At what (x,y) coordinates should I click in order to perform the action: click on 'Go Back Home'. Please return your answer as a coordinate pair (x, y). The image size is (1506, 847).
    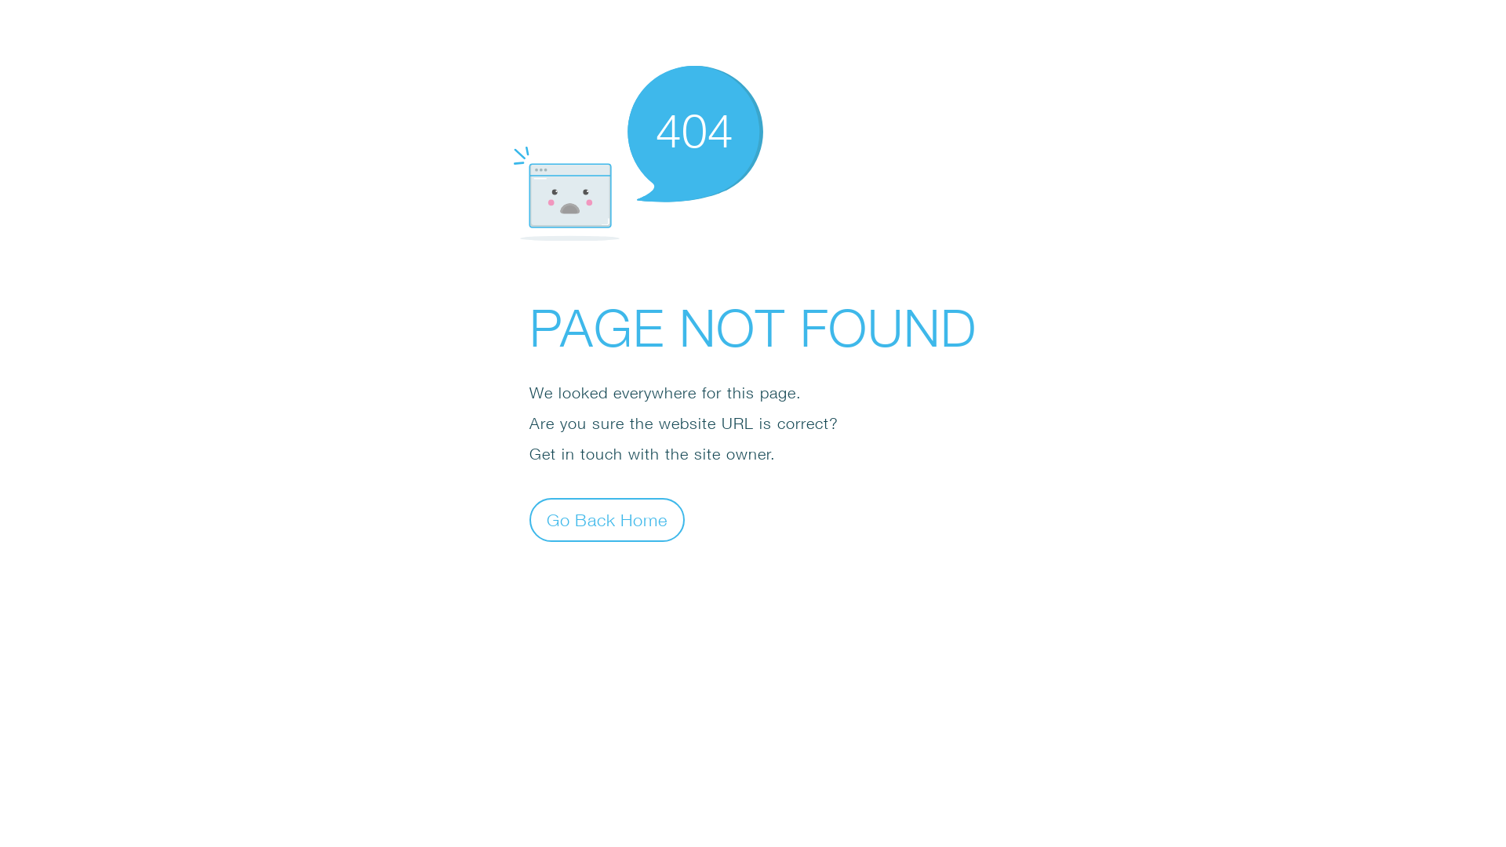
    Looking at the image, I should click on (606, 520).